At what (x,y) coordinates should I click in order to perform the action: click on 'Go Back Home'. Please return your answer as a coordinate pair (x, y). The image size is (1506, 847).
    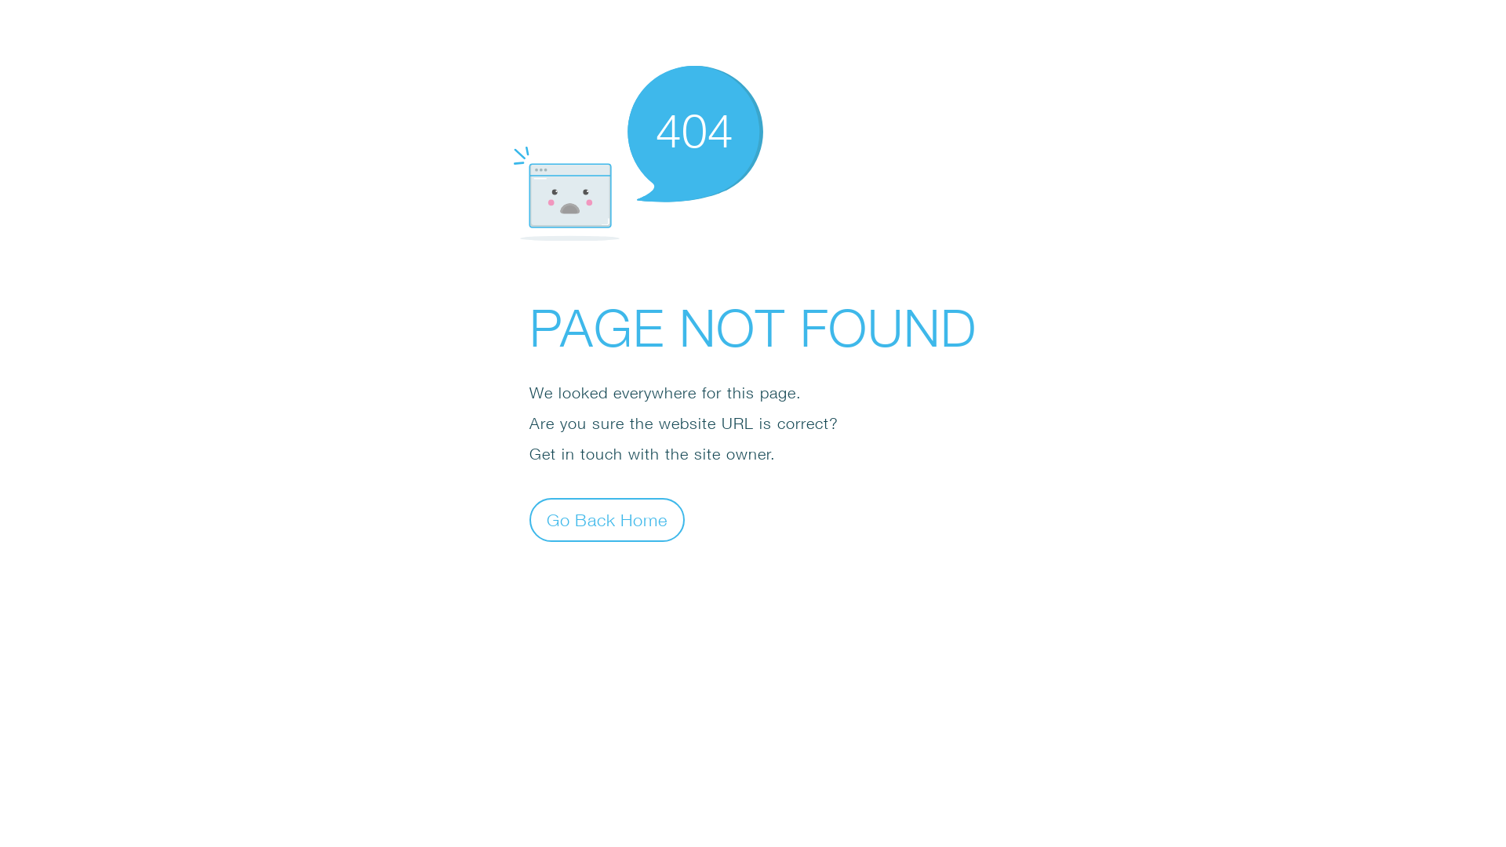
    Looking at the image, I should click on (606, 520).